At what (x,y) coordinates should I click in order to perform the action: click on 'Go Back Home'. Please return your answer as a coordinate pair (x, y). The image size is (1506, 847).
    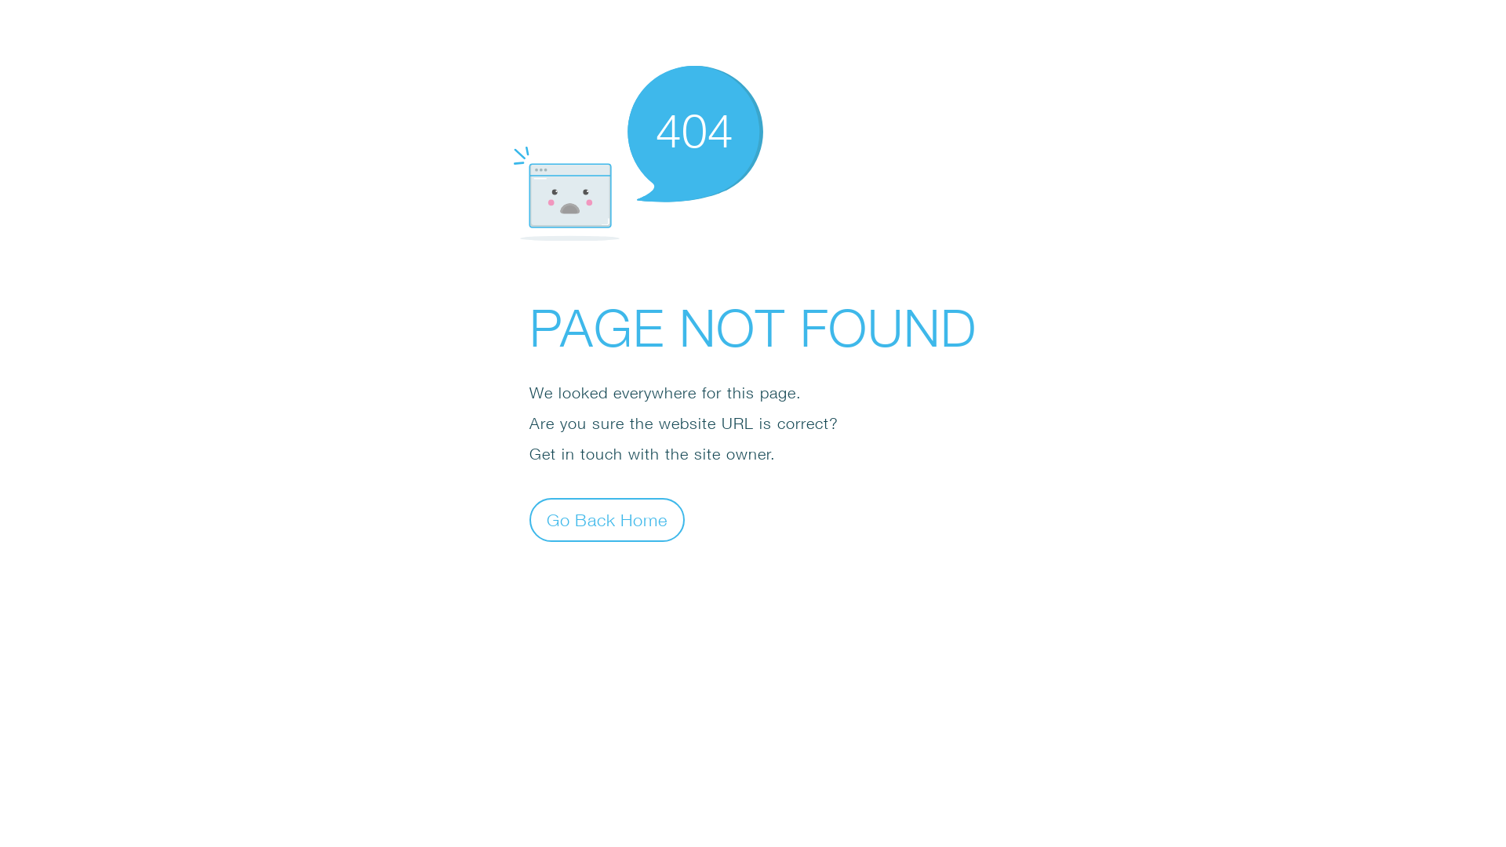
    Looking at the image, I should click on (606, 520).